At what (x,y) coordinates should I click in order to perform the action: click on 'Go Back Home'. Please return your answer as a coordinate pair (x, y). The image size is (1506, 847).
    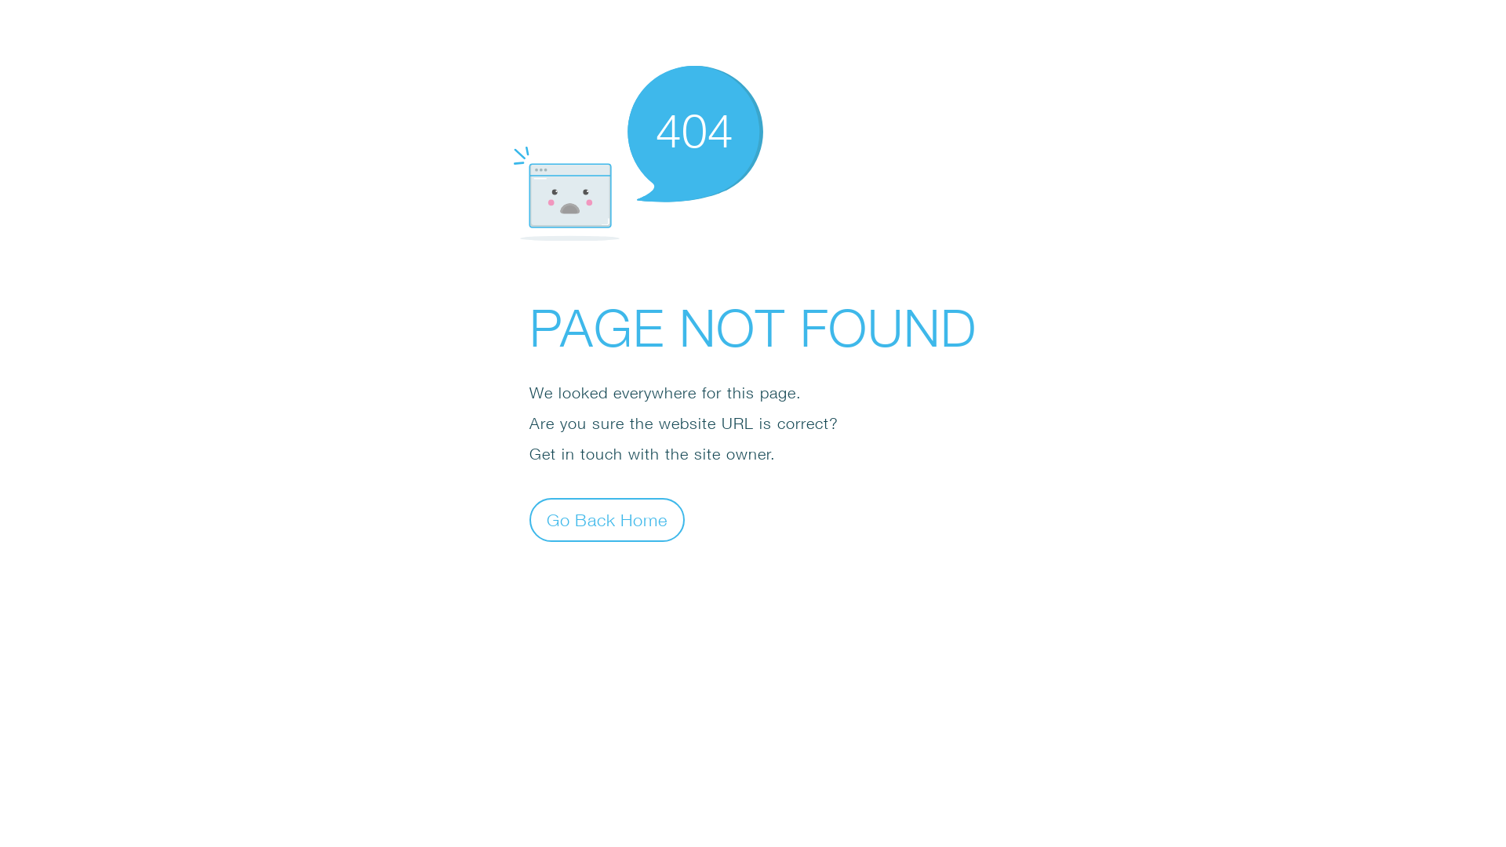
    Looking at the image, I should click on (606, 520).